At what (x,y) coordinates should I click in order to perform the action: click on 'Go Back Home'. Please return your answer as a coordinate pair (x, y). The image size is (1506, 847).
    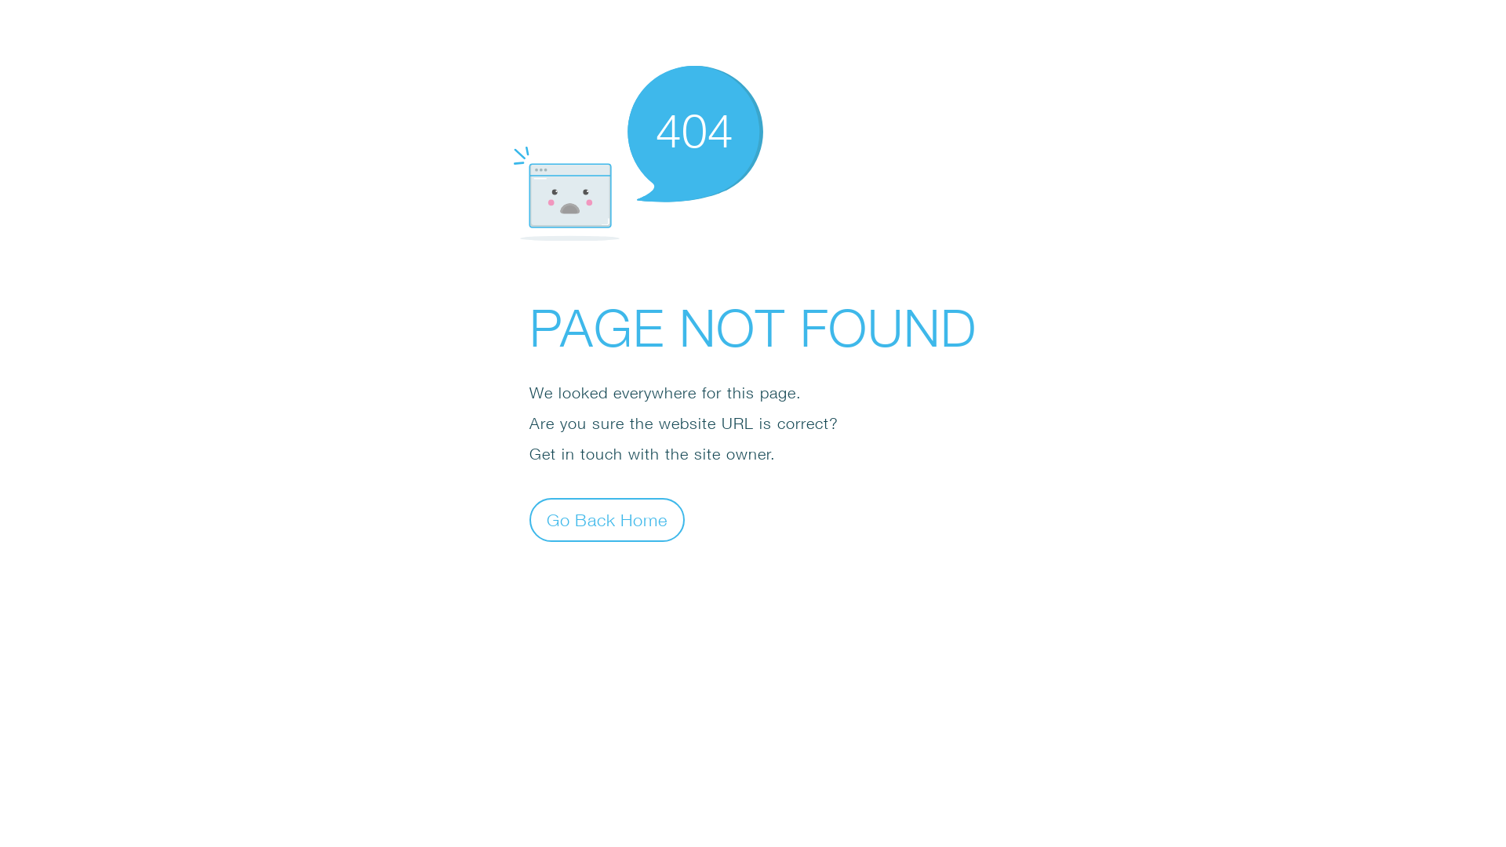
    Looking at the image, I should click on (606, 520).